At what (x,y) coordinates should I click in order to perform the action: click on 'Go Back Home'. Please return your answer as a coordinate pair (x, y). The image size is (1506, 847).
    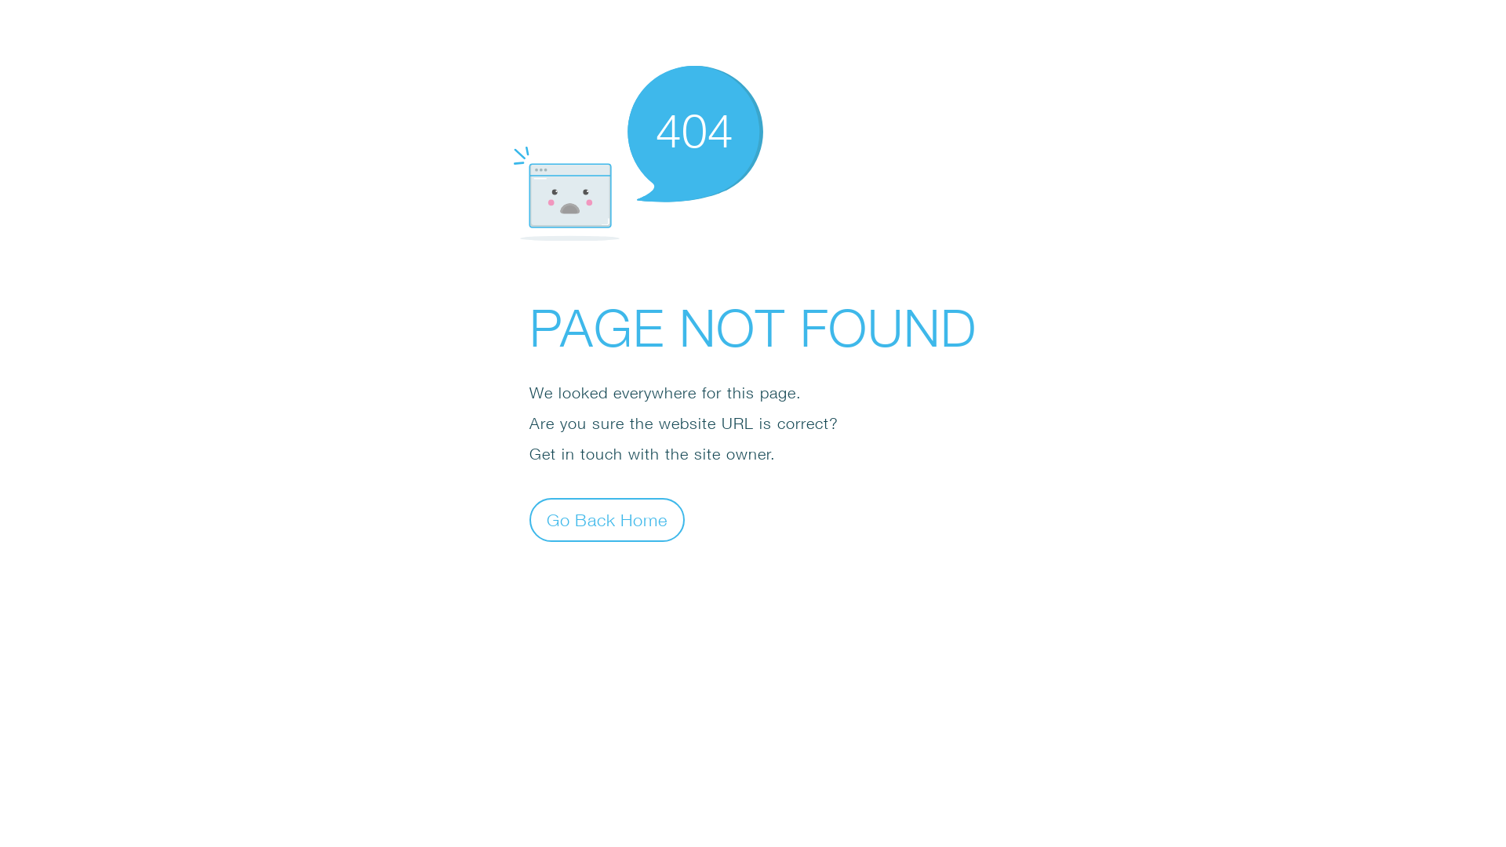
    Looking at the image, I should click on (606, 520).